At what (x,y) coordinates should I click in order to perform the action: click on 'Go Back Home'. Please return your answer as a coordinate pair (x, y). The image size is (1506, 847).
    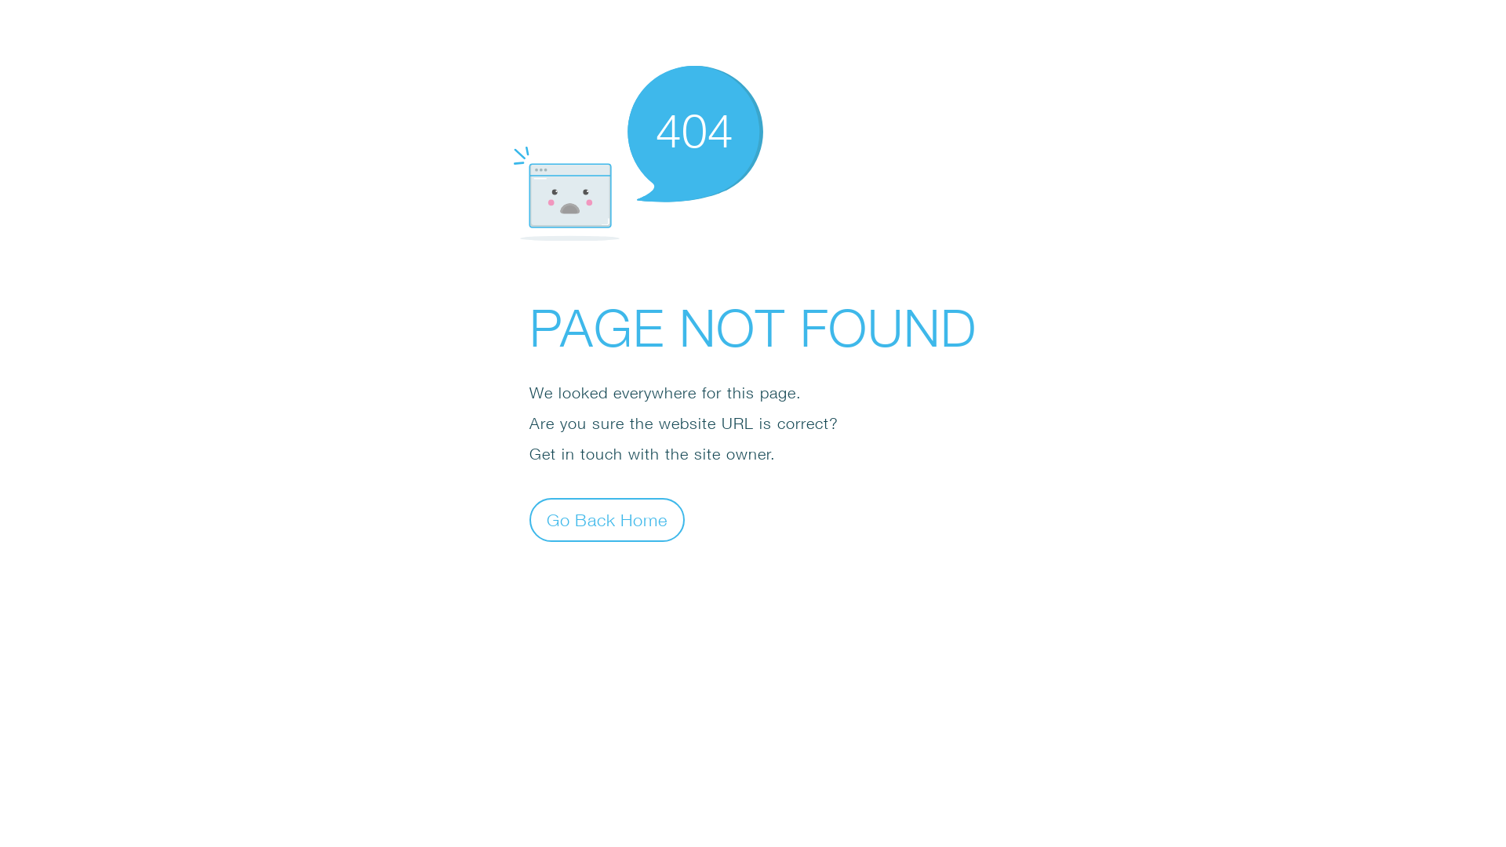
    Looking at the image, I should click on (606, 520).